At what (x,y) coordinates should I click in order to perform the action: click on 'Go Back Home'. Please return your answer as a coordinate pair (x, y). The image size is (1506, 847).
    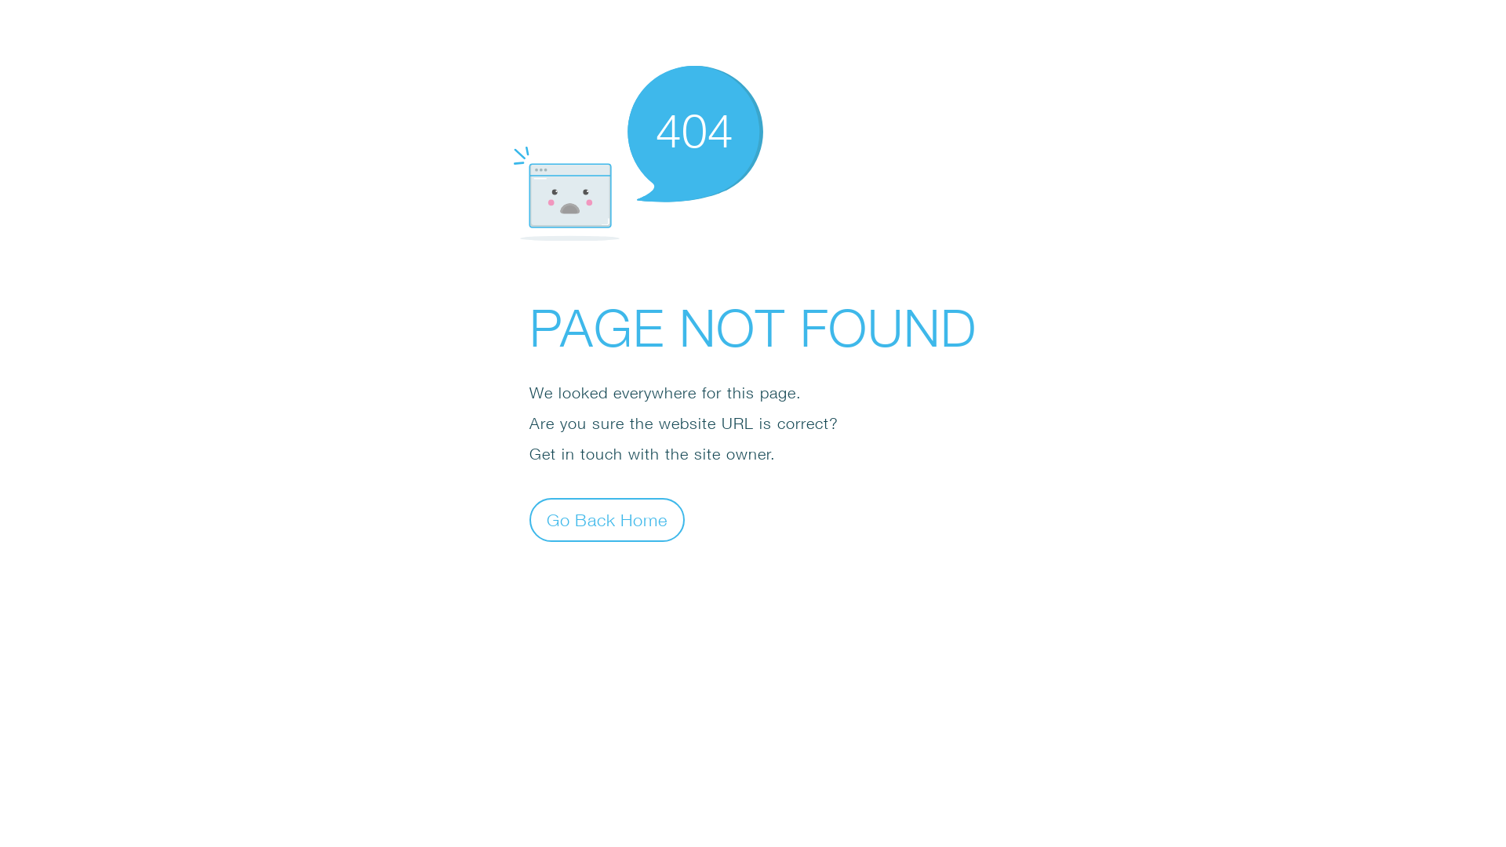
    Looking at the image, I should click on (606, 520).